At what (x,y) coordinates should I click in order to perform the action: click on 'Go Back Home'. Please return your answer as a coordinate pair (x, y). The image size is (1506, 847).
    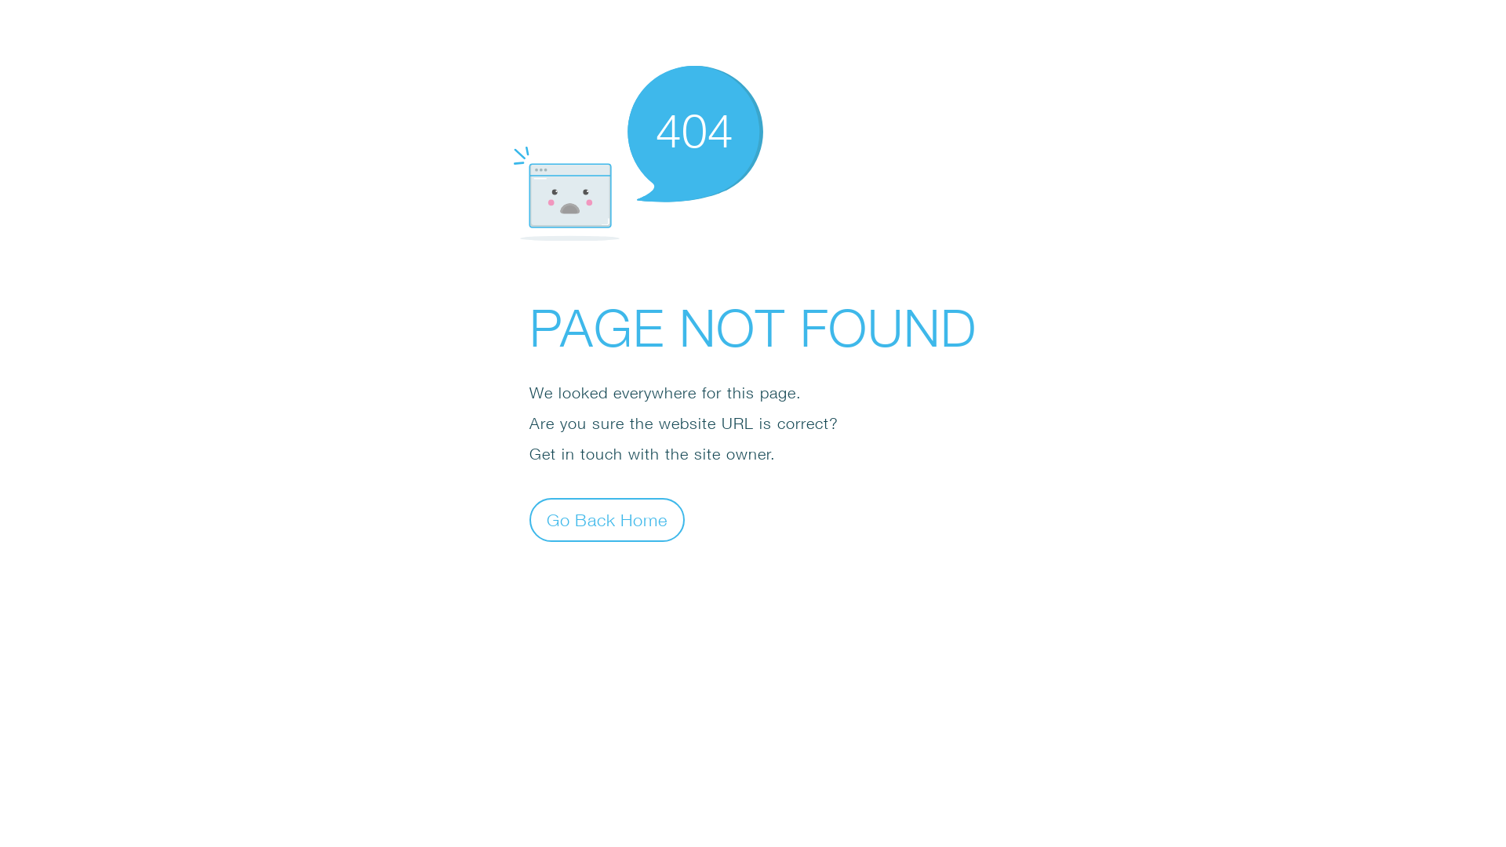
    Looking at the image, I should click on (606, 520).